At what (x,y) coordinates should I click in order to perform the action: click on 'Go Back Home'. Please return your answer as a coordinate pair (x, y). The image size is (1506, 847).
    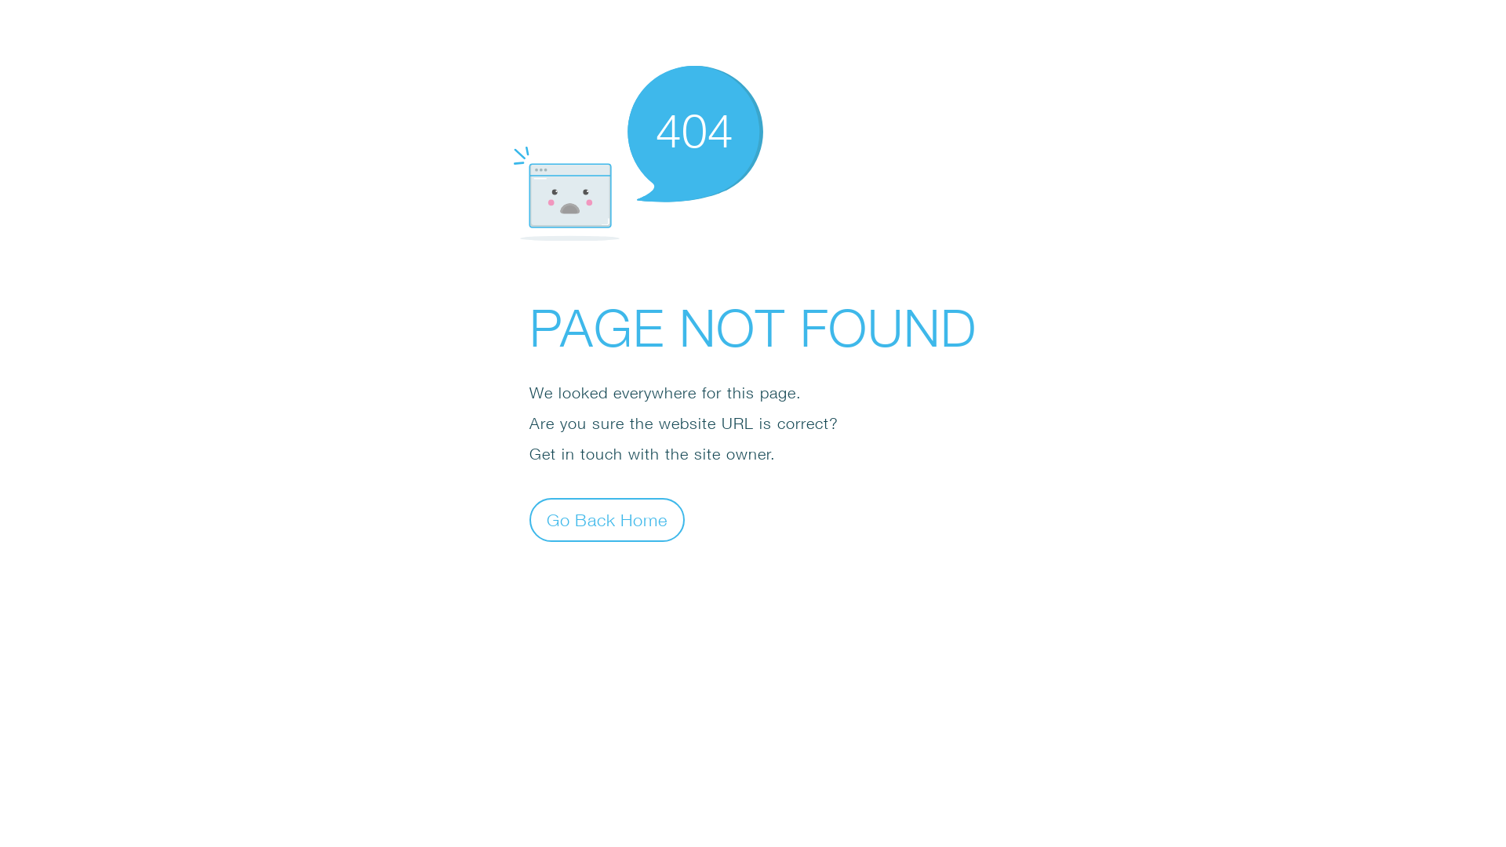
    Looking at the image, I should click on (606, 520).